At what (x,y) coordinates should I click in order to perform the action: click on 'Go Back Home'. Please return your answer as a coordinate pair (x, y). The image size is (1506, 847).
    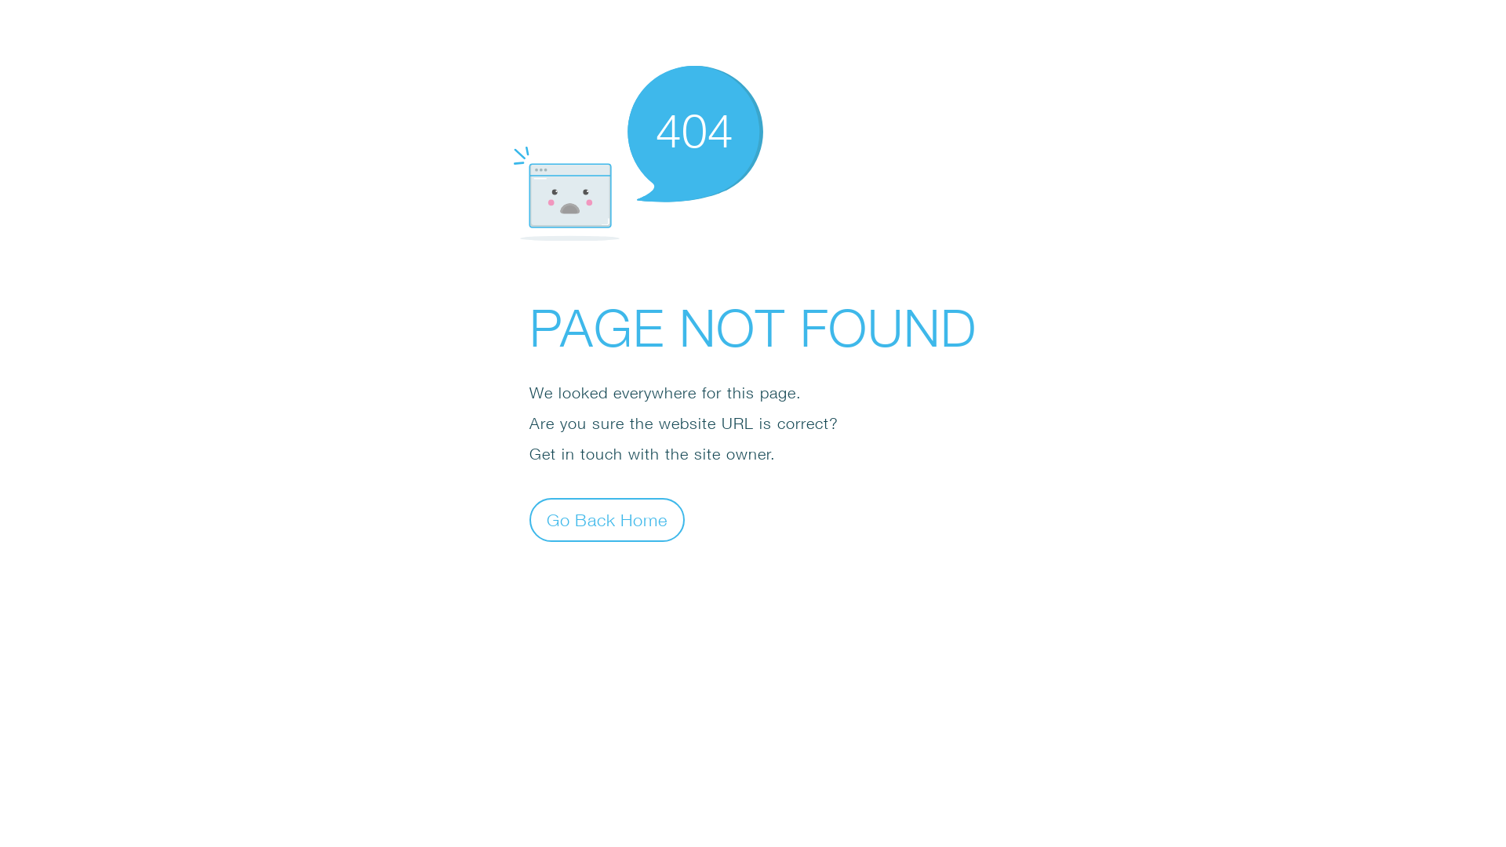
    Looking at the image, I should click on (606, 520).